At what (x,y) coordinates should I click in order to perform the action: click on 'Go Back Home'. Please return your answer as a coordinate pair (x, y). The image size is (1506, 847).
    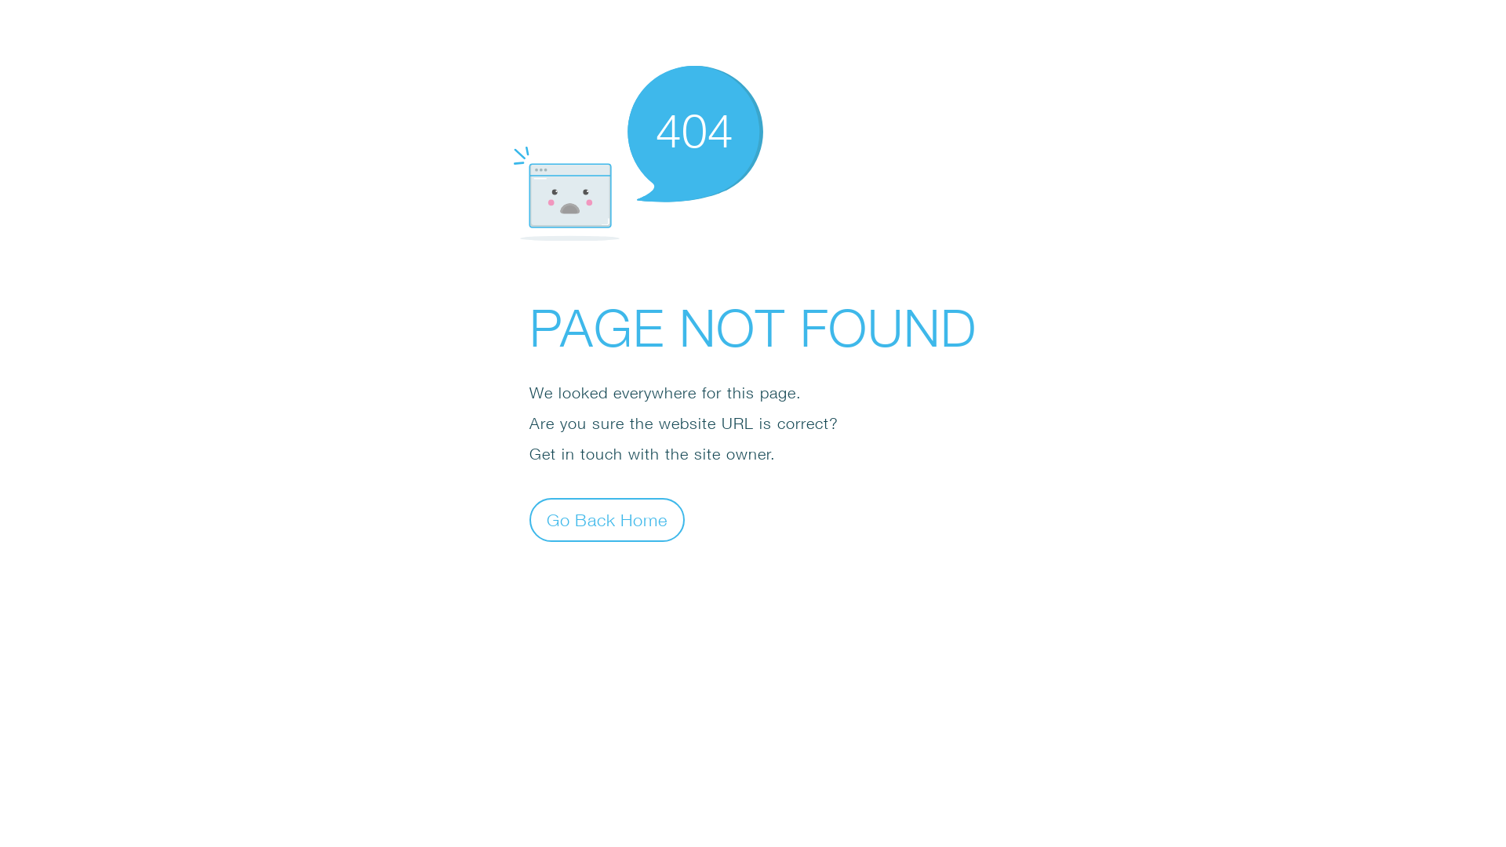
    Looking at the image, I should click on (606, 520).